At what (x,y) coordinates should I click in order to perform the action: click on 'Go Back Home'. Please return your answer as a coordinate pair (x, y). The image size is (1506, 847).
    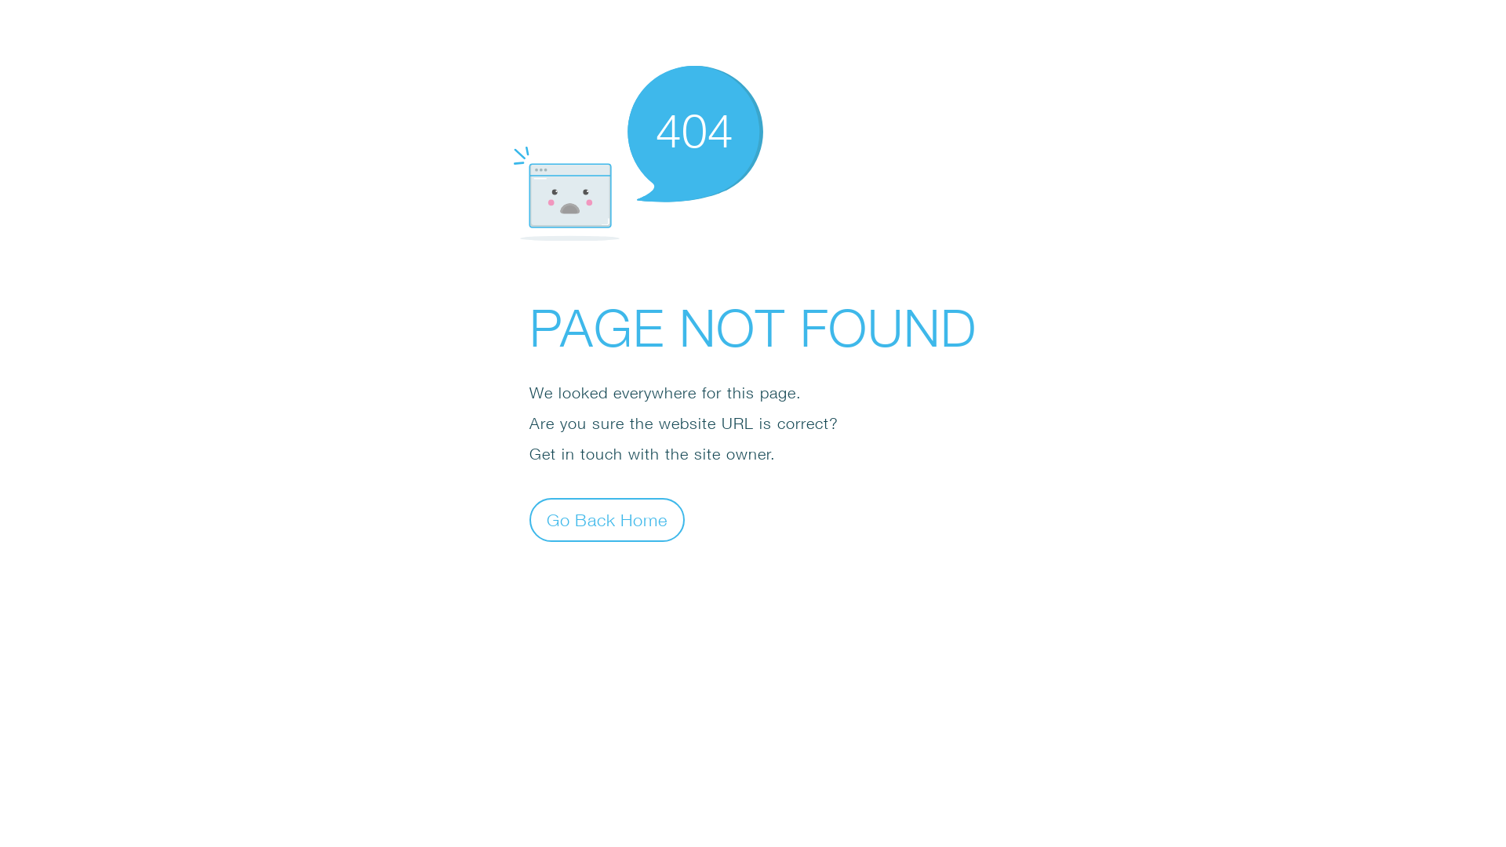
    Looking at the image, I should click on (606, 520).